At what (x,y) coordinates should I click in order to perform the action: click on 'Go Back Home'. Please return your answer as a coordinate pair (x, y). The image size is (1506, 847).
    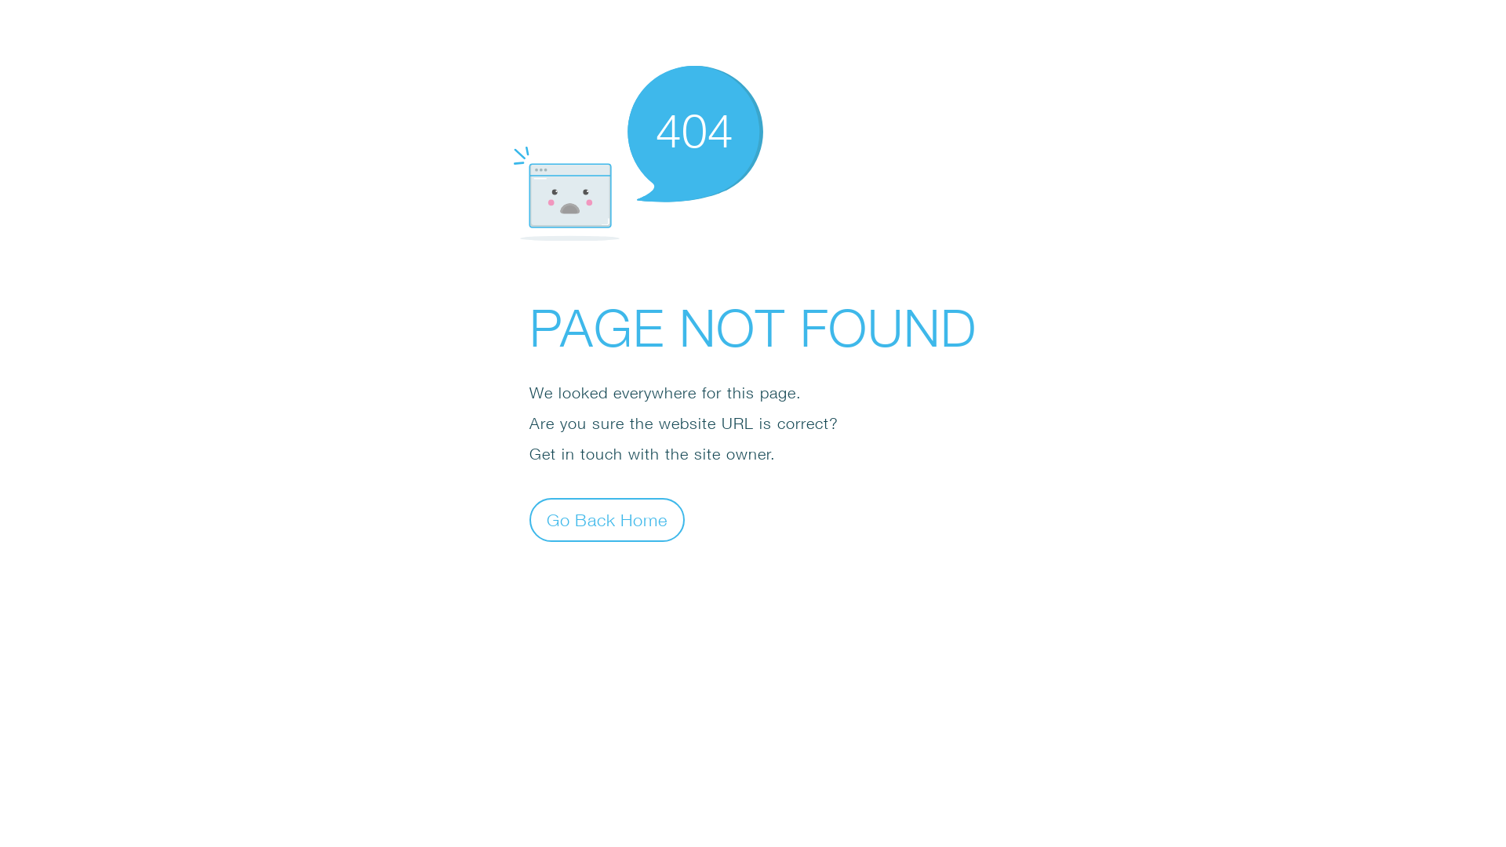
    Looking at the image, I should click on (606, 520).